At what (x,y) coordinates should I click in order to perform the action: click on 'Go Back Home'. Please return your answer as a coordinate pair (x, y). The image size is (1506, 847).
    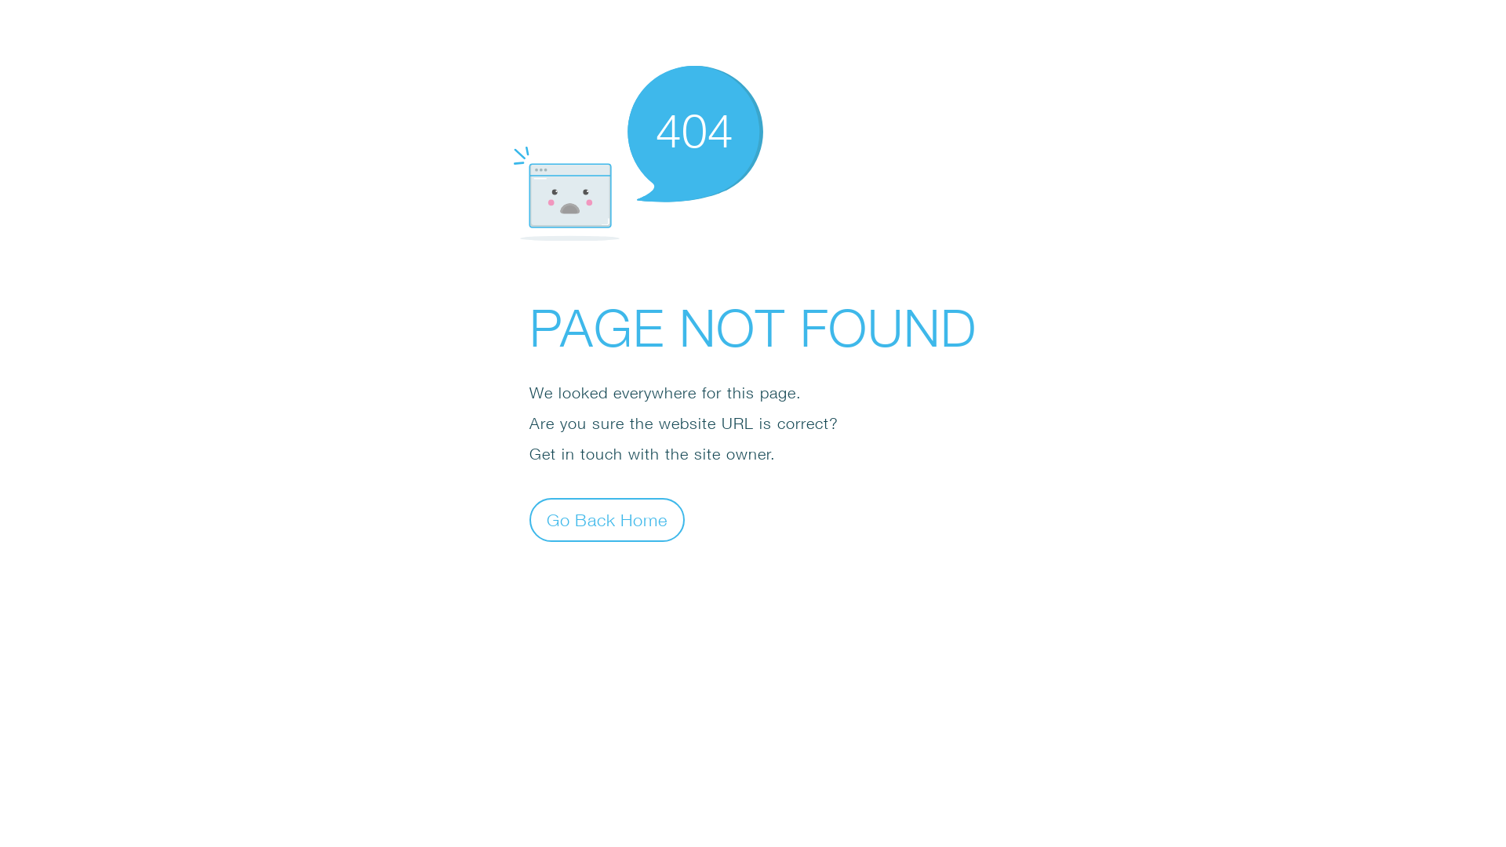
    Looking at the image, I should click on (606, 520).